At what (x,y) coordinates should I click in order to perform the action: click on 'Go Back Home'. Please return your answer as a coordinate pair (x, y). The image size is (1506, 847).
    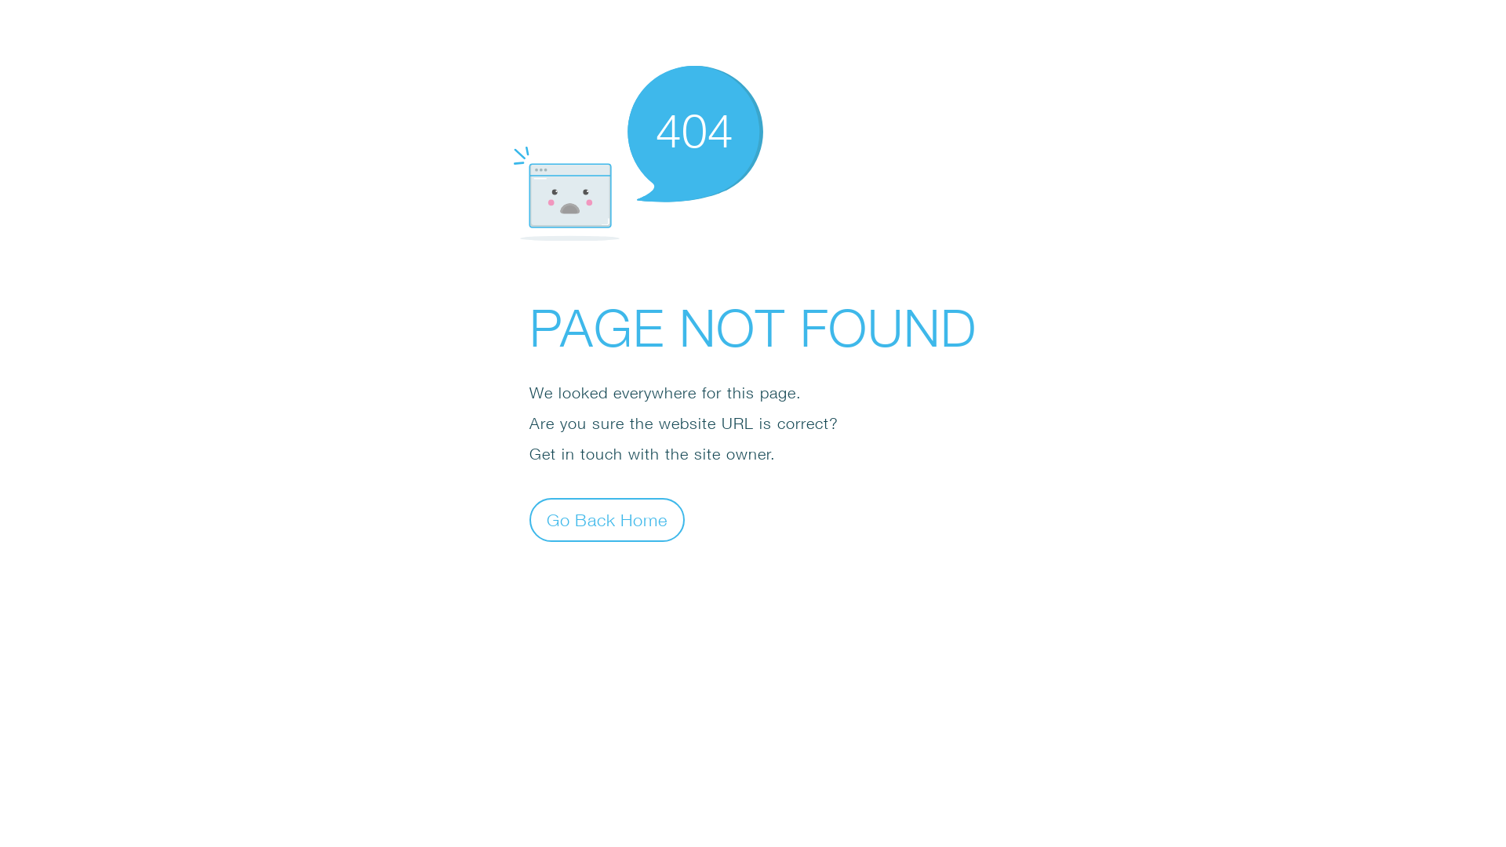
    Looking at the image, I should click on (606, 520).